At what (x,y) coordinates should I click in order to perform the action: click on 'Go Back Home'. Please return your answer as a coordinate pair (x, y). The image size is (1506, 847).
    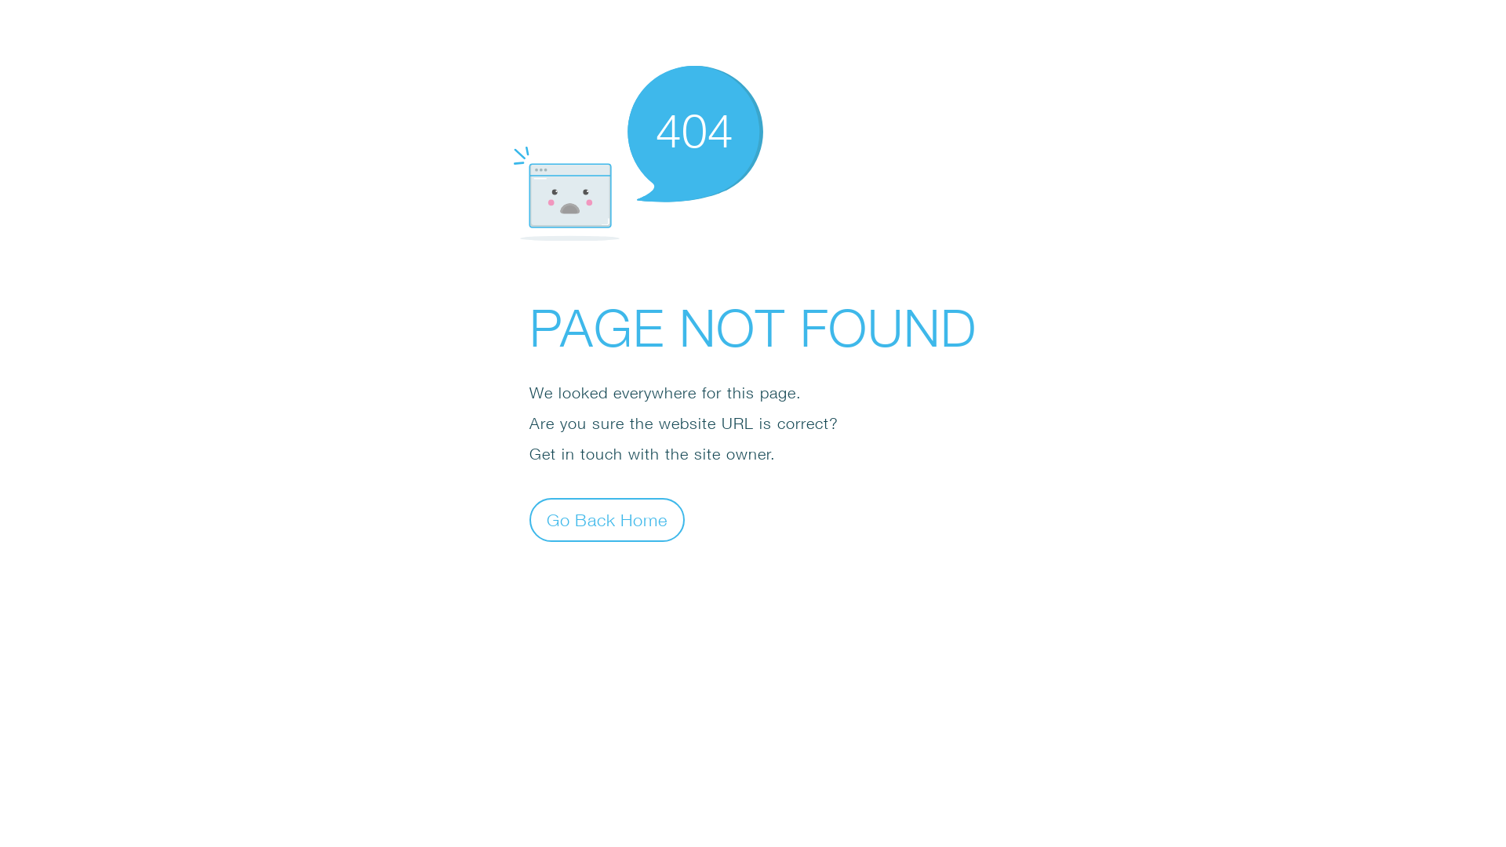
    Looking at the image, I should click on (606, 520).